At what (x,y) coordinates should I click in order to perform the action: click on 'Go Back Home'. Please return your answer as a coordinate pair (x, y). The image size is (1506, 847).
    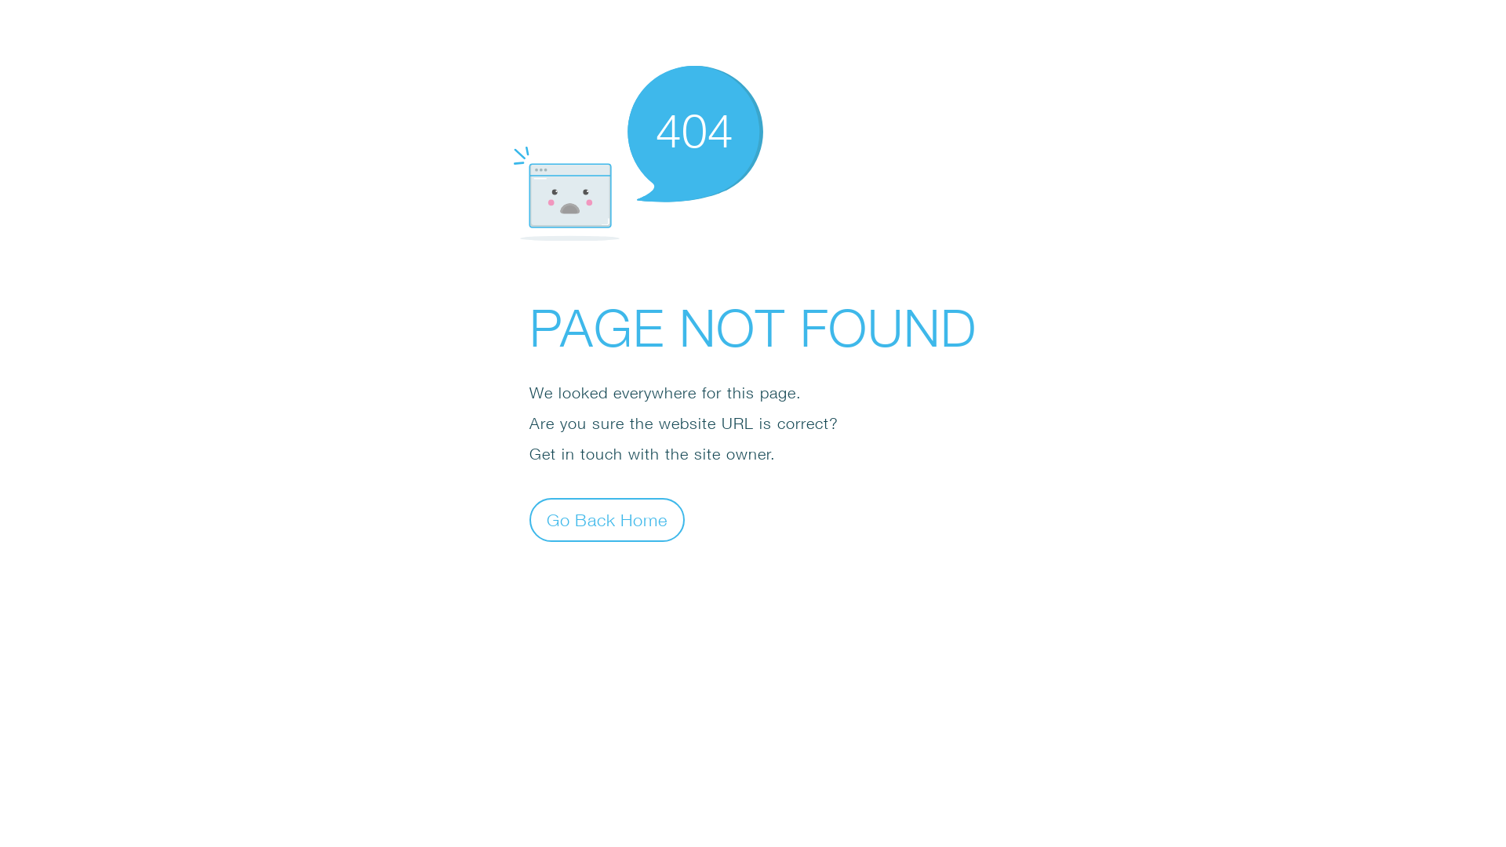
    Looking at the image, I should click on (606, 520).